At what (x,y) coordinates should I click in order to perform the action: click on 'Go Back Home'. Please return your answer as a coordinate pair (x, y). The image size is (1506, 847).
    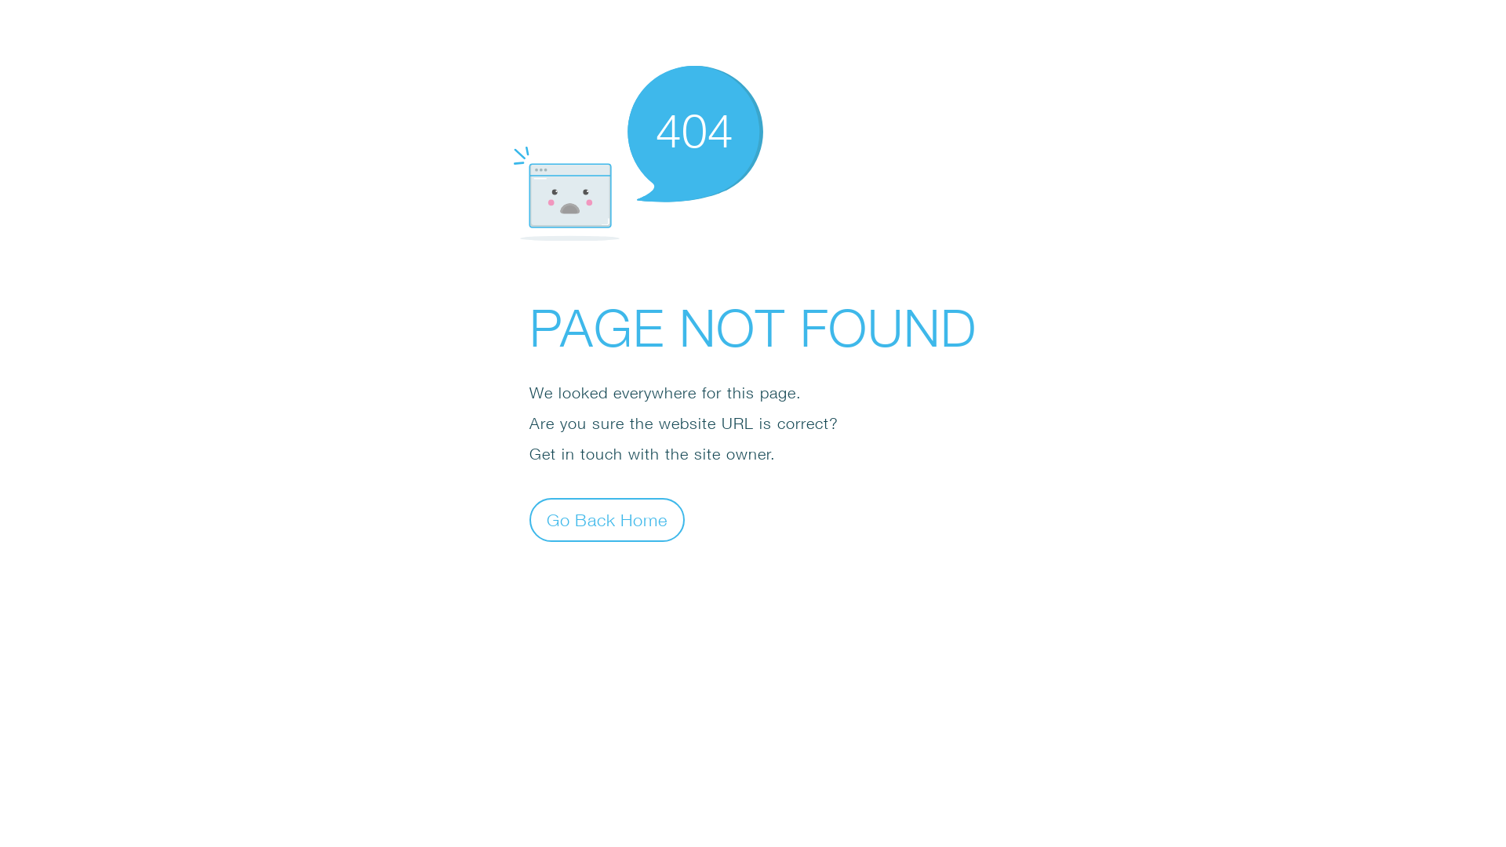
    Looking at the image, I should click on (606, 520).